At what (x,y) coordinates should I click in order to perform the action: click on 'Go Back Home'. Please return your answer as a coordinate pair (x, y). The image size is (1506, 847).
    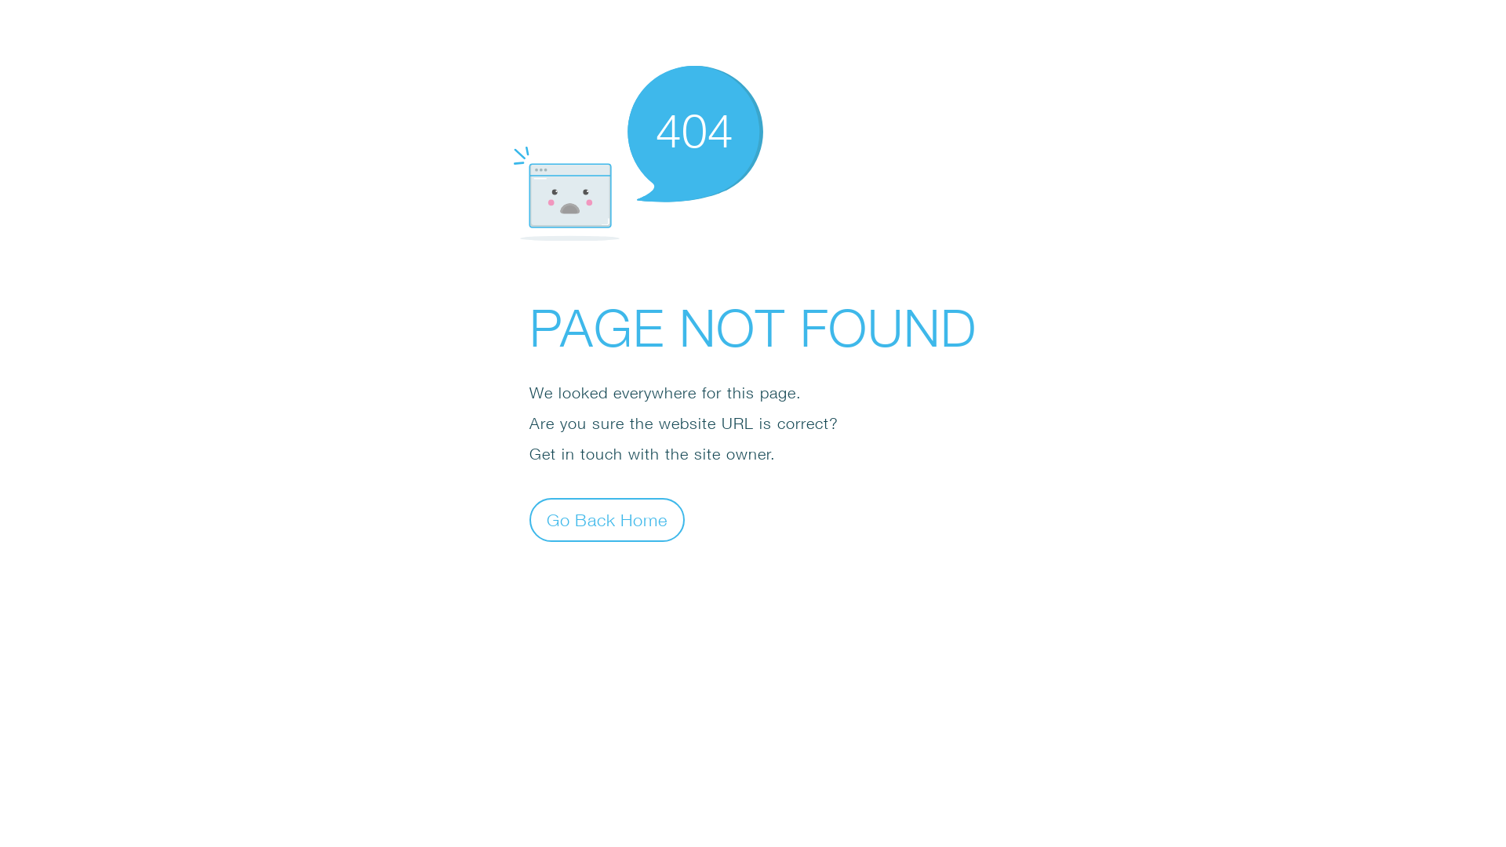
    Looking at the image, I should click on (606, 520).